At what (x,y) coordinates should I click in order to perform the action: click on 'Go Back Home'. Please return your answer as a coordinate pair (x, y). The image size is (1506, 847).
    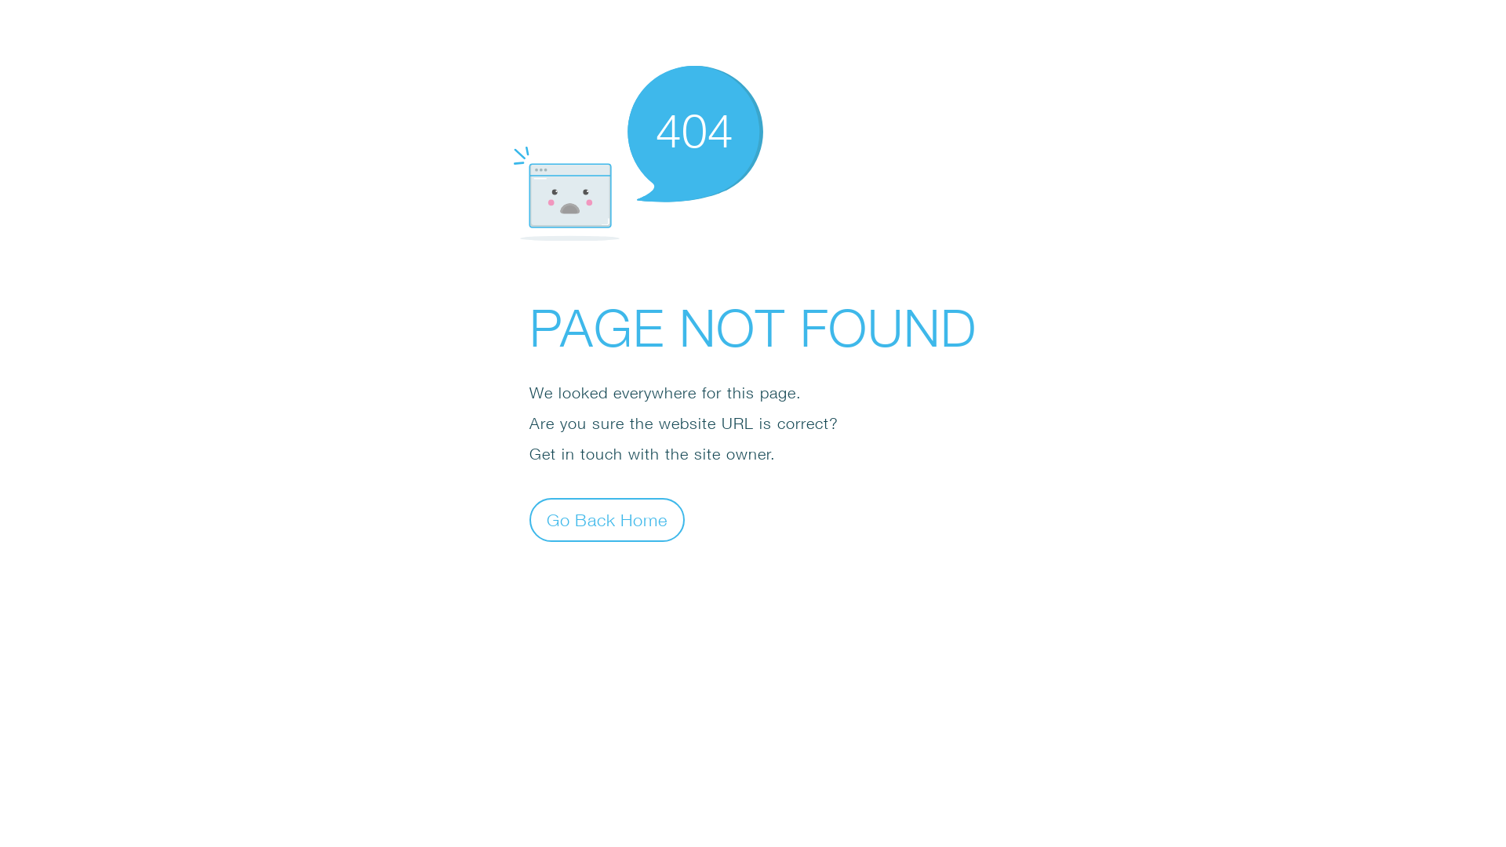
    Looking at the image, I should click on (606, 520).